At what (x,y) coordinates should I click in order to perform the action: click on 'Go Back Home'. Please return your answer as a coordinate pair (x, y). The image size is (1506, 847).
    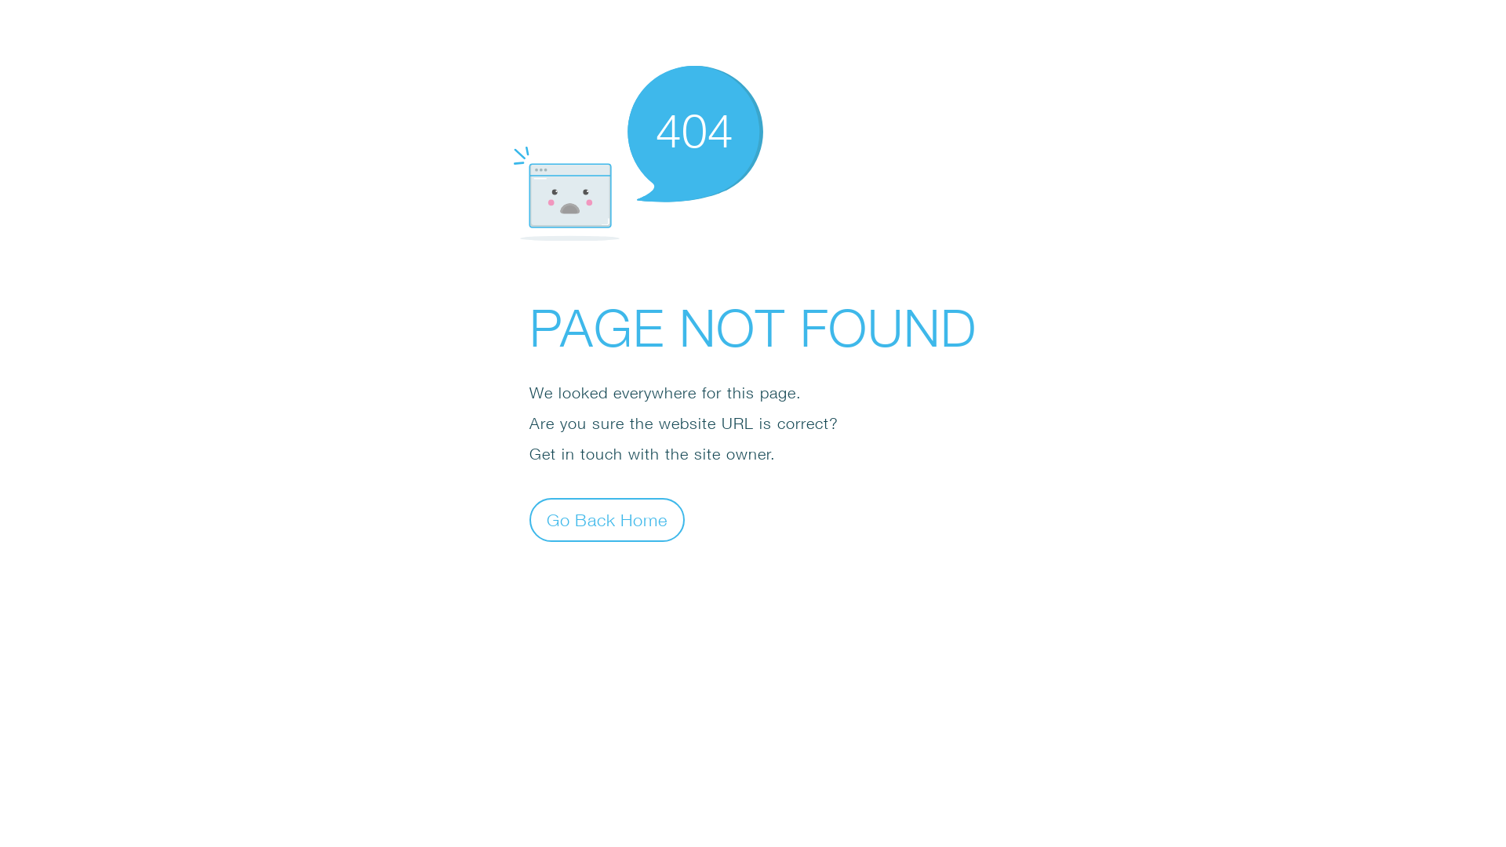
    Looking at the image, I should click on (606, 520).